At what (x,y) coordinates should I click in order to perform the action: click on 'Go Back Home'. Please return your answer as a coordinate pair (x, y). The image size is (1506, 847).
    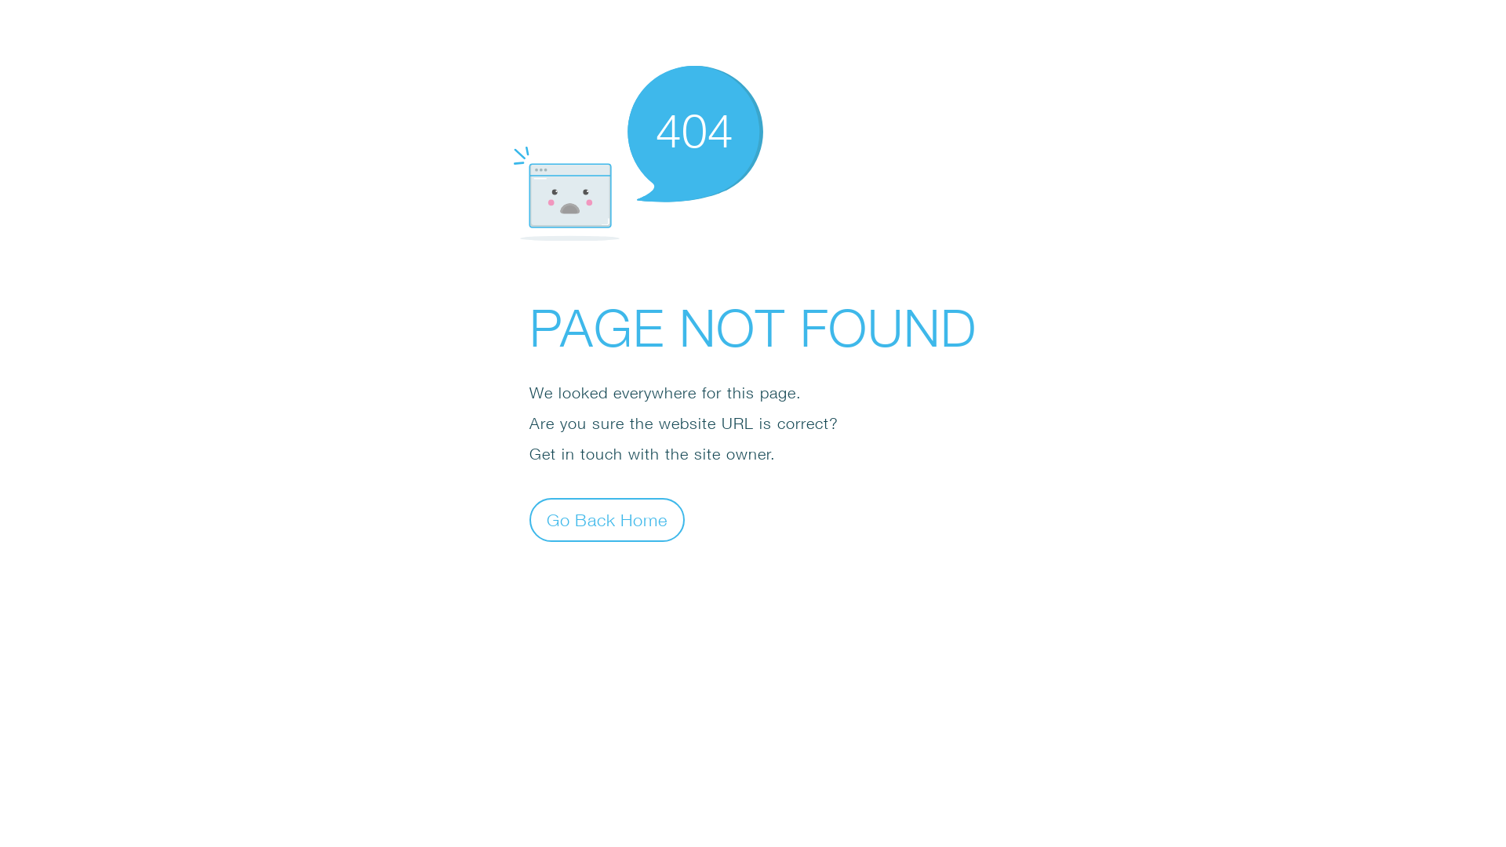
    Looking at the image, I should click on (606, 520).